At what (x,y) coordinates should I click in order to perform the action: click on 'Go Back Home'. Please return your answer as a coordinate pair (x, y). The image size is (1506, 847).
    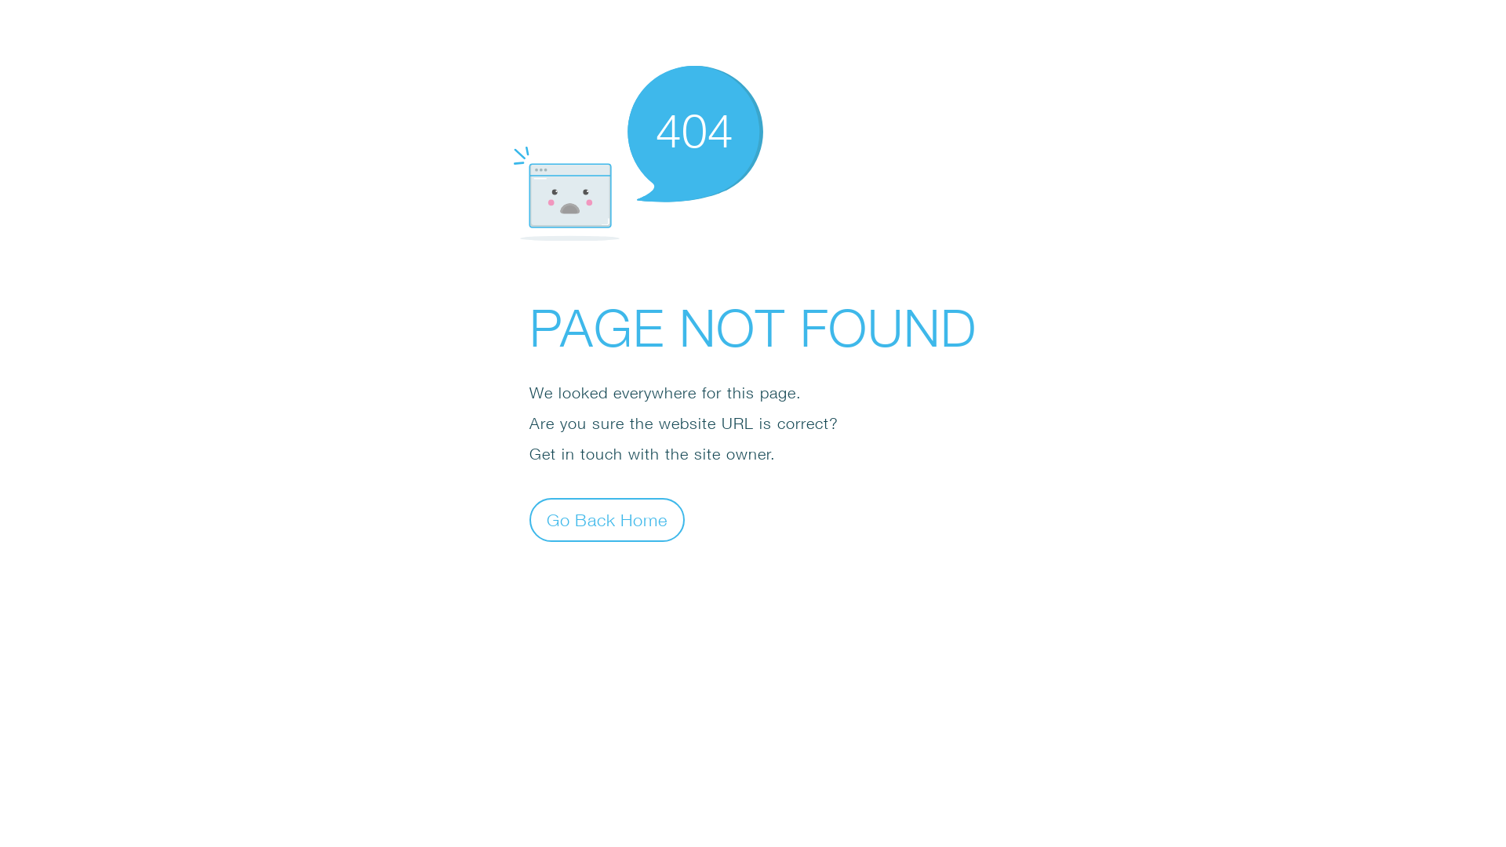
    Looking at the image, I should click on (606, 520).